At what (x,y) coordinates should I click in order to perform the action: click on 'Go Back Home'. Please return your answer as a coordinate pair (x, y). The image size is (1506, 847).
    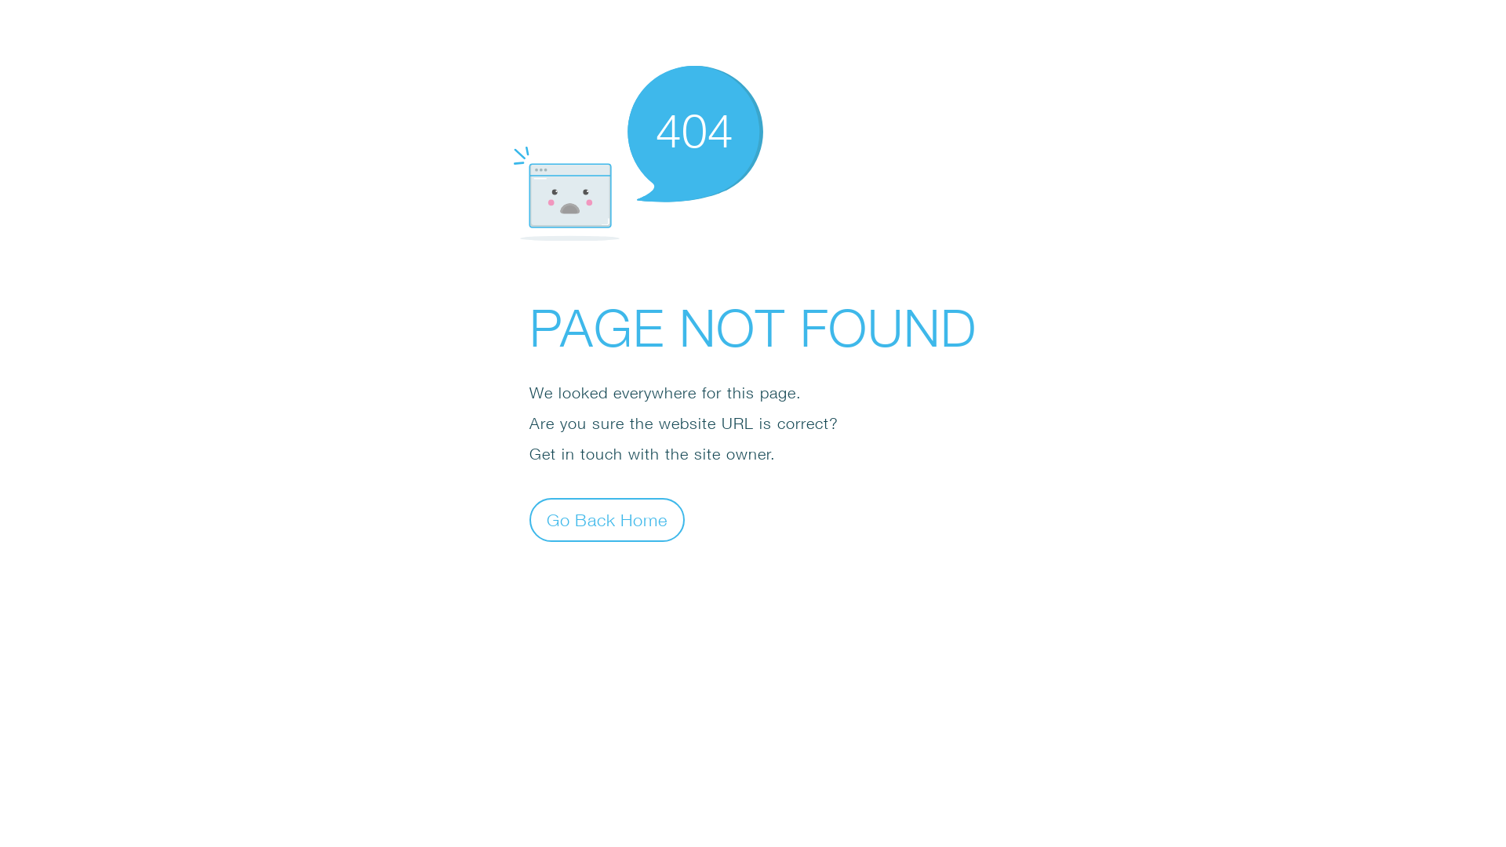
    Looking at the image, I should click on (606, 520).